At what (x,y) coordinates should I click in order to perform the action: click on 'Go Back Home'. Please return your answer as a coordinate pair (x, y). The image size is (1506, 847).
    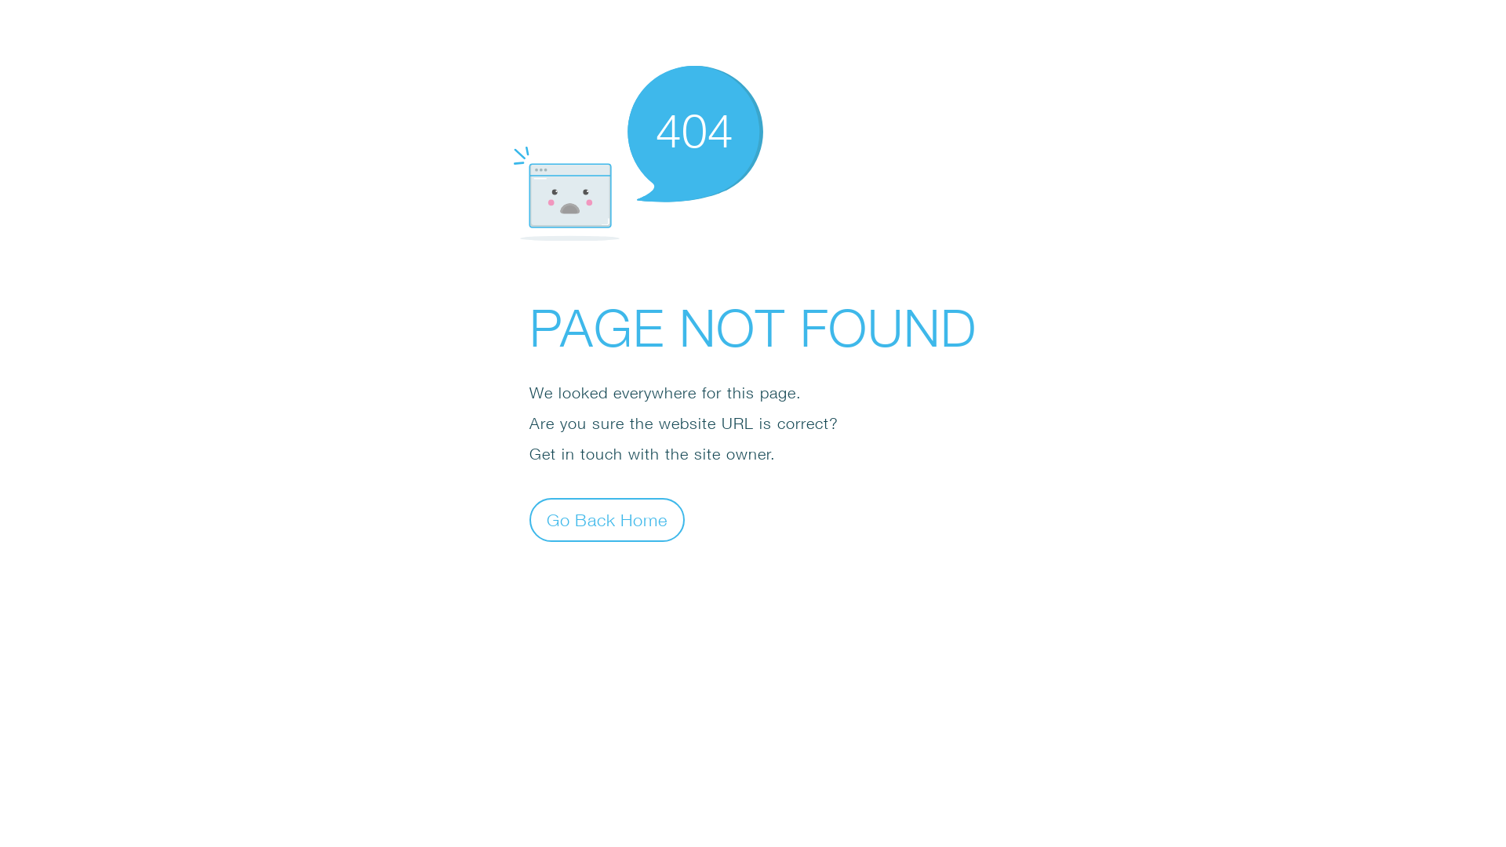
    Looking at the image, I should click on (606, 520).